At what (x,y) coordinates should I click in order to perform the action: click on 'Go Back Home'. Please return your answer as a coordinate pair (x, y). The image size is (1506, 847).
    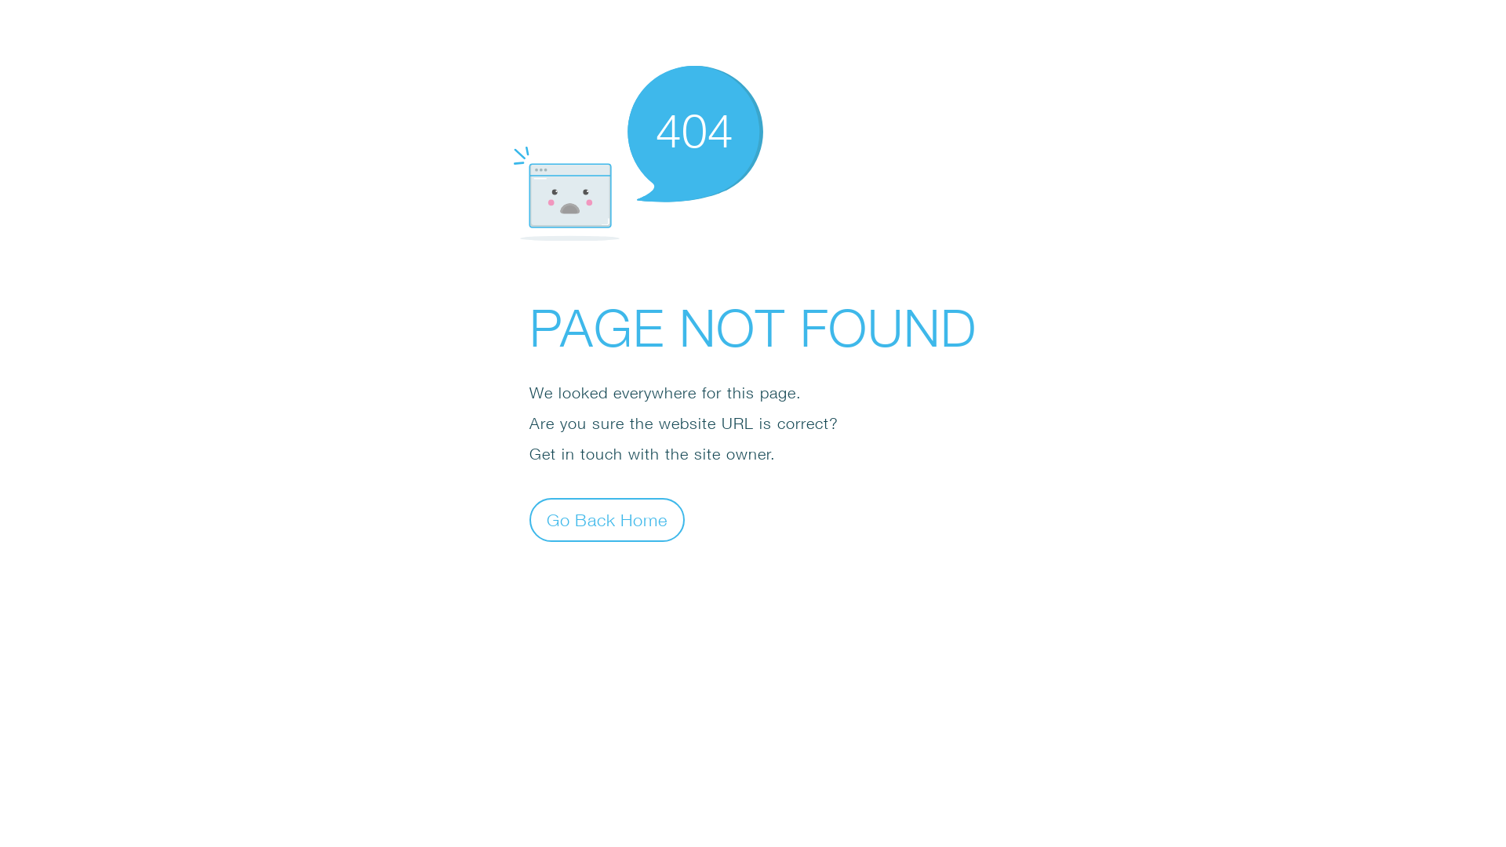
    Looking at the image, I should click on (606, 520).